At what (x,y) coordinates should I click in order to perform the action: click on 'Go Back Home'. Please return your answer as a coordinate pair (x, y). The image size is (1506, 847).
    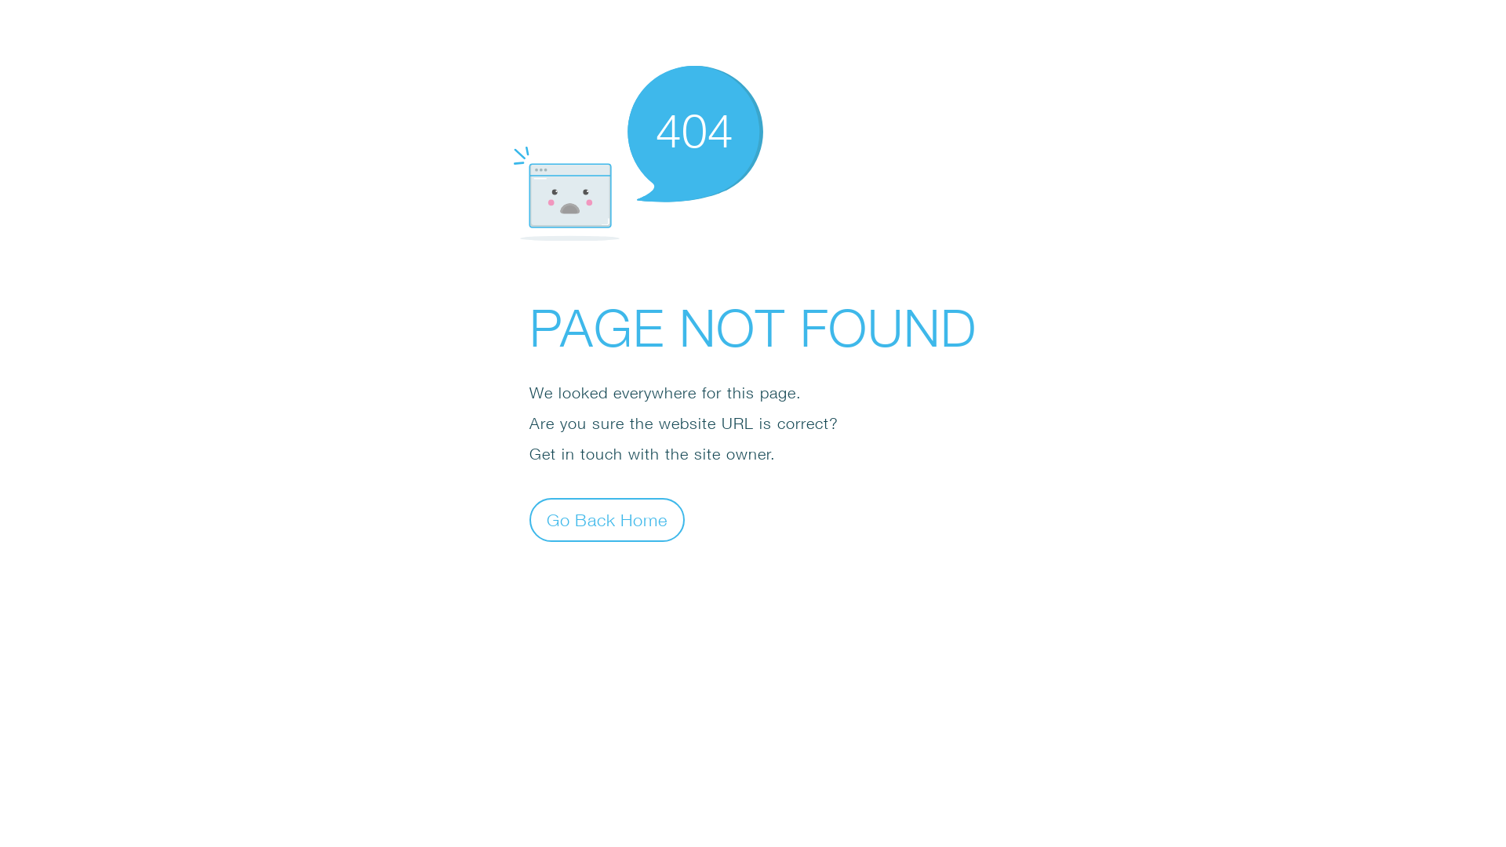
    Looking at the image, I should click on (606, 520).